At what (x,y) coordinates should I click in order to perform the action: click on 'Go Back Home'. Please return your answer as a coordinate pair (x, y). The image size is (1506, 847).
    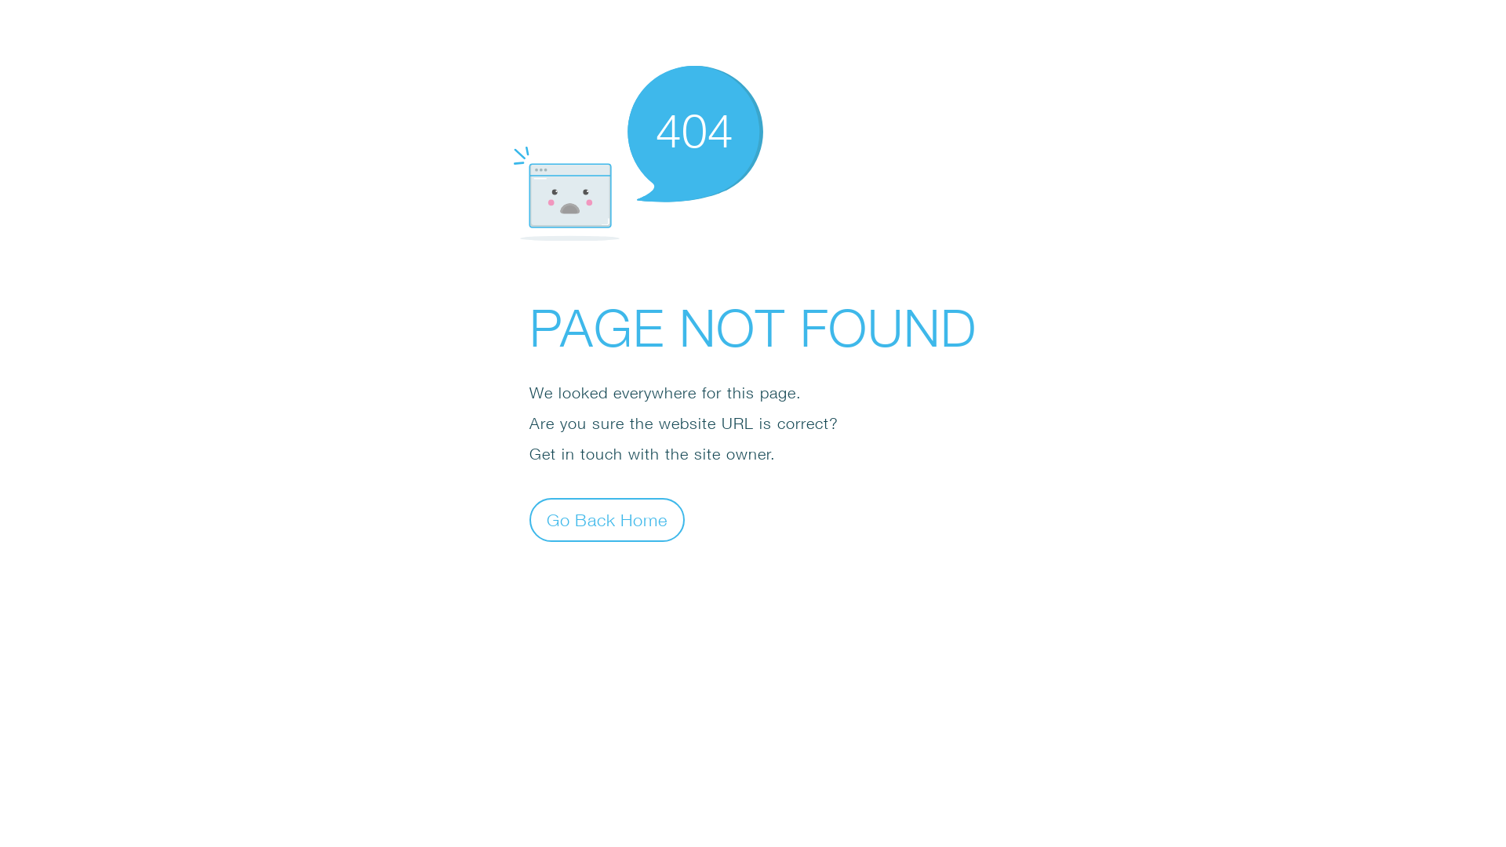
    Looking at the image, I should click on (606, 520).